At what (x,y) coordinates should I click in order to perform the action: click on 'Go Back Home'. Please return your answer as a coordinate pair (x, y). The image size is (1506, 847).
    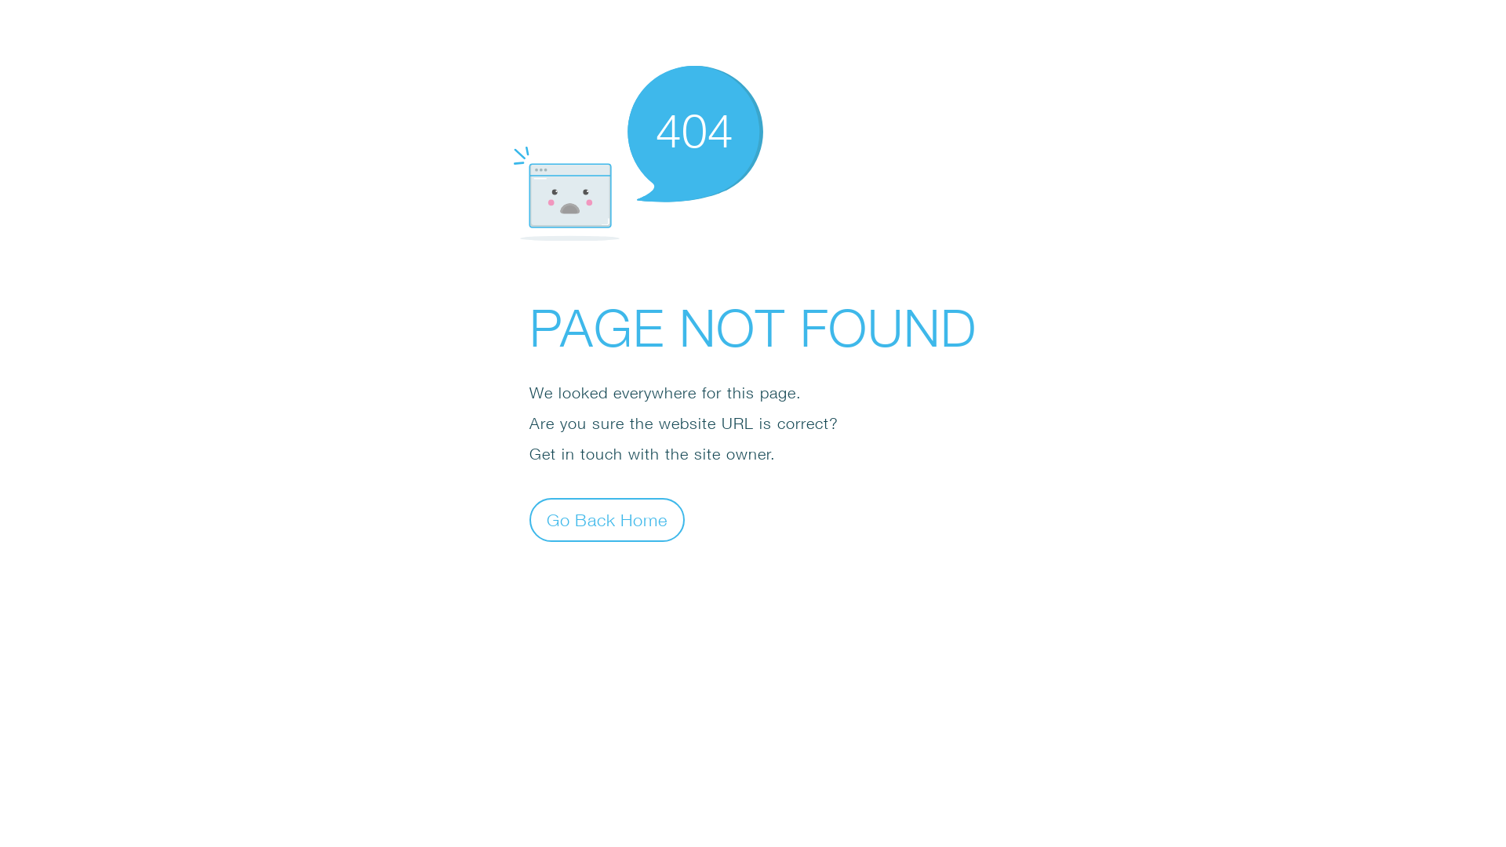
    Looking at the image, I should click on (606, 520).